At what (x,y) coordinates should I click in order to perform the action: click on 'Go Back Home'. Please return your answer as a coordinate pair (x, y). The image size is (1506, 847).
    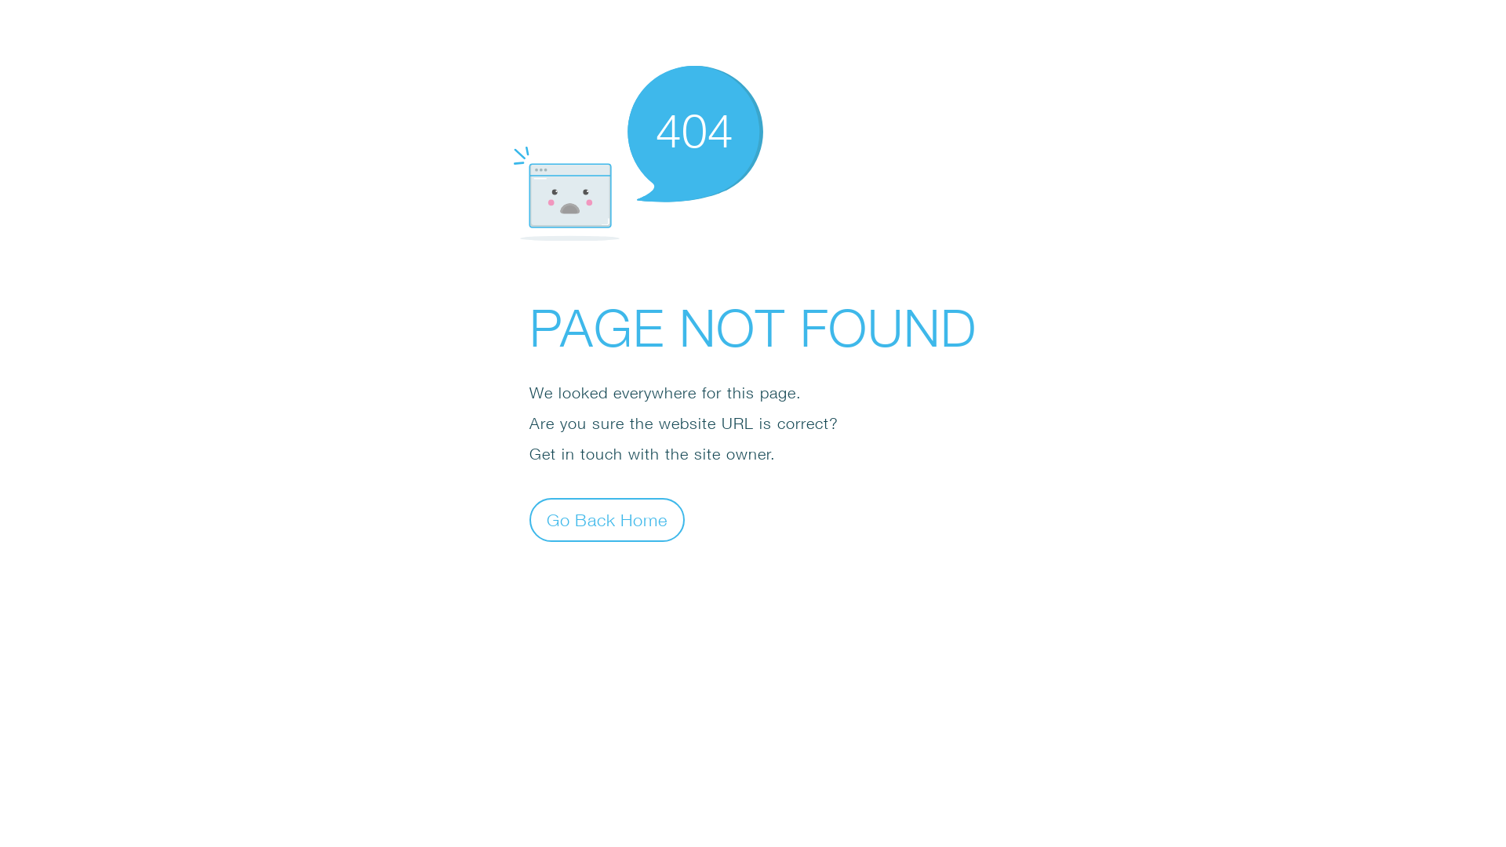
    Looking at the image, I should click on (606, 520).